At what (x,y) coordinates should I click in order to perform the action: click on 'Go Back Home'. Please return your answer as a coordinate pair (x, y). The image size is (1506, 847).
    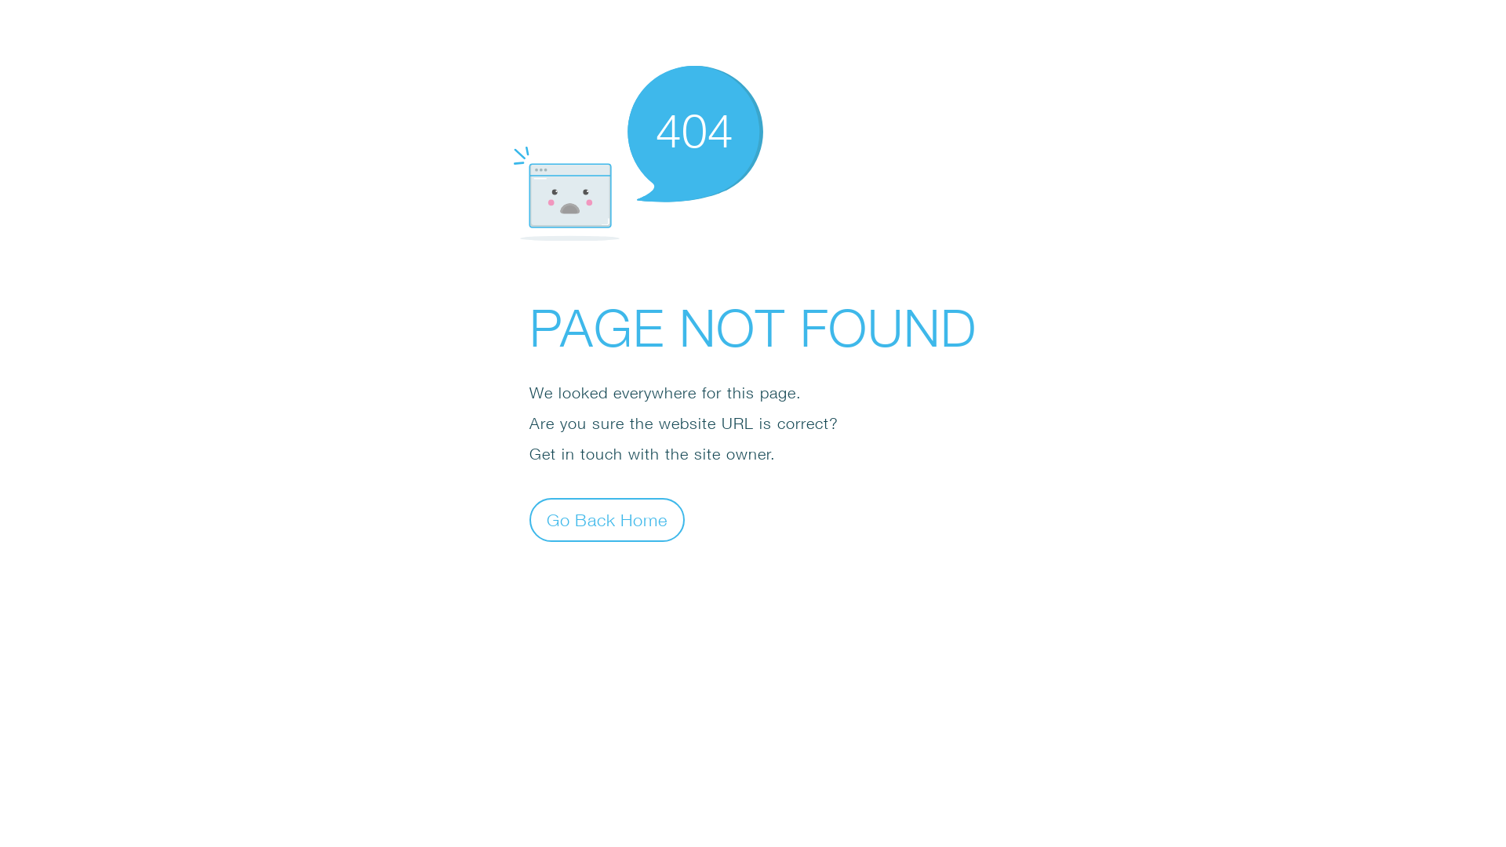
    Looking at the image, I should click on (606, 520).